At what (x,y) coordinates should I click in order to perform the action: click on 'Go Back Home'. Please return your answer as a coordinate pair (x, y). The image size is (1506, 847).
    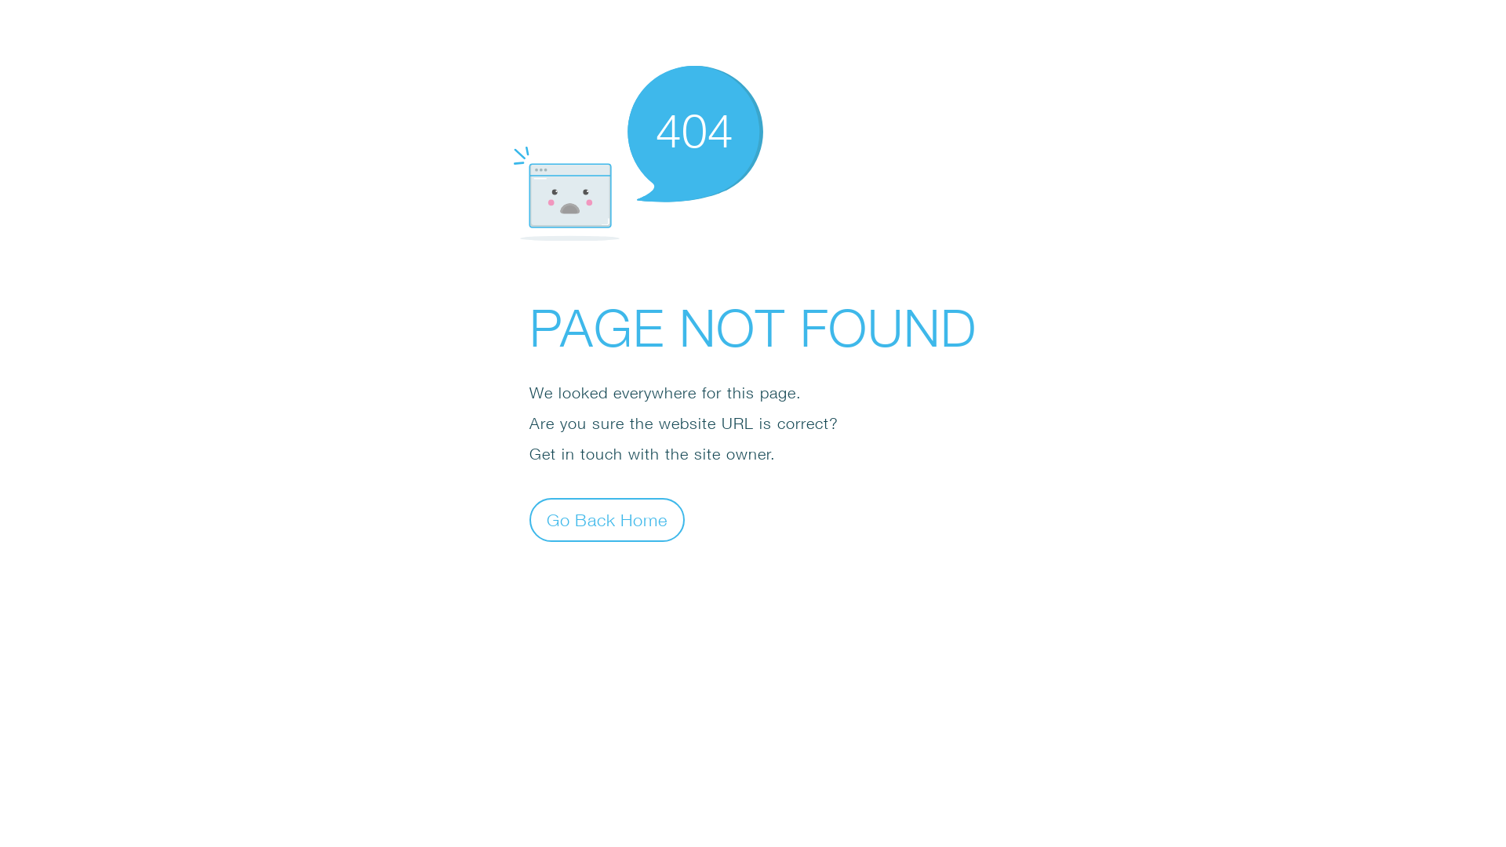
    Looking at the image, I should click on (606, 520).